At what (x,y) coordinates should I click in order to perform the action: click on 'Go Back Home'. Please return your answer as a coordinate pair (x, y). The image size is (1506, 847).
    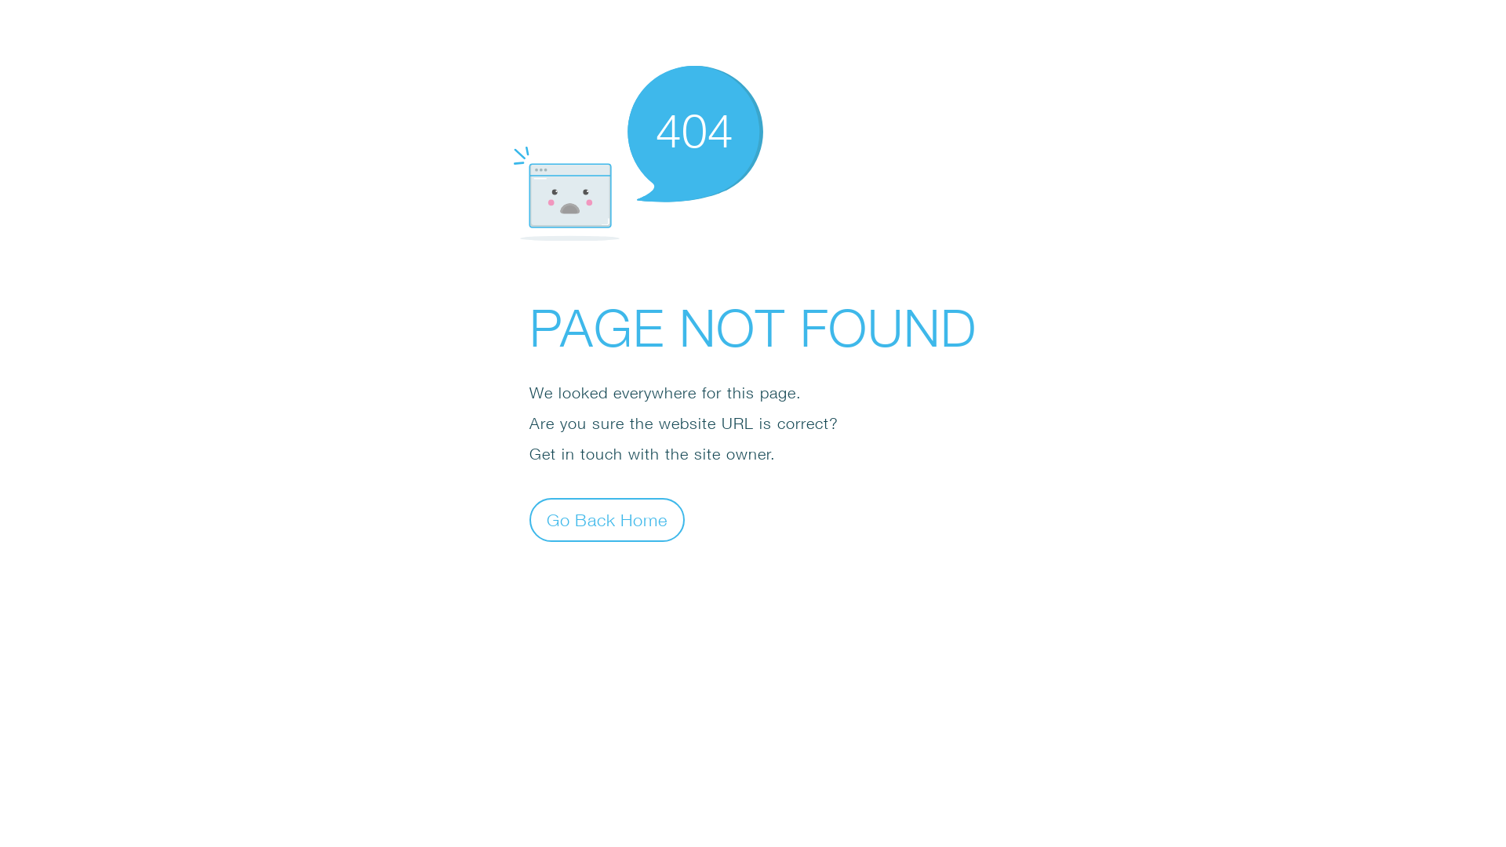
    Looking at the image, I should click on (606, 520).